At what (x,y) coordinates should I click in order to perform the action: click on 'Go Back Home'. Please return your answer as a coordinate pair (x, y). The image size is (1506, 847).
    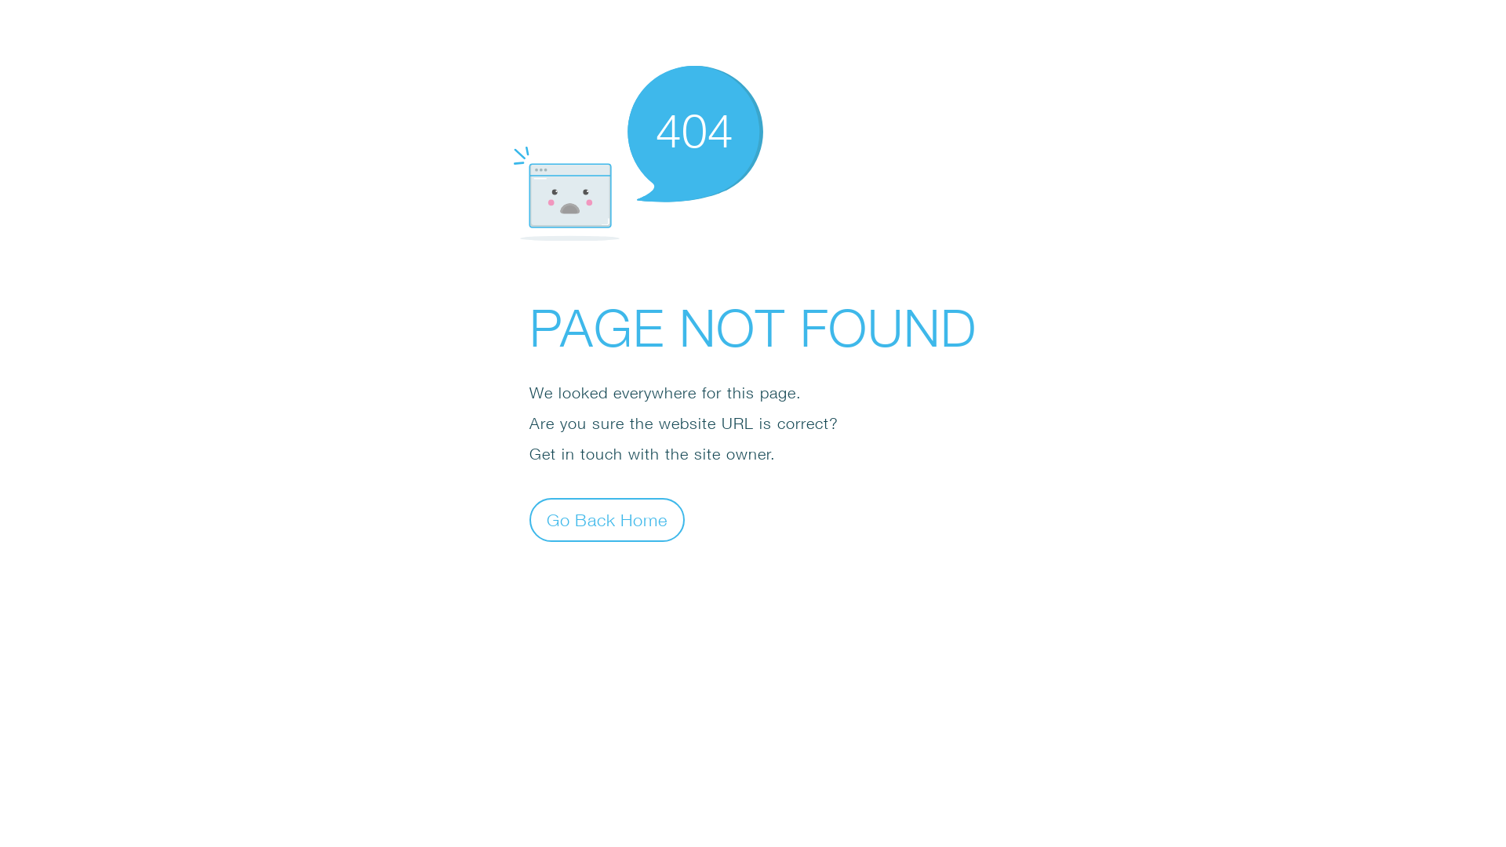
    Looking at the image, I should click on (606, 520).